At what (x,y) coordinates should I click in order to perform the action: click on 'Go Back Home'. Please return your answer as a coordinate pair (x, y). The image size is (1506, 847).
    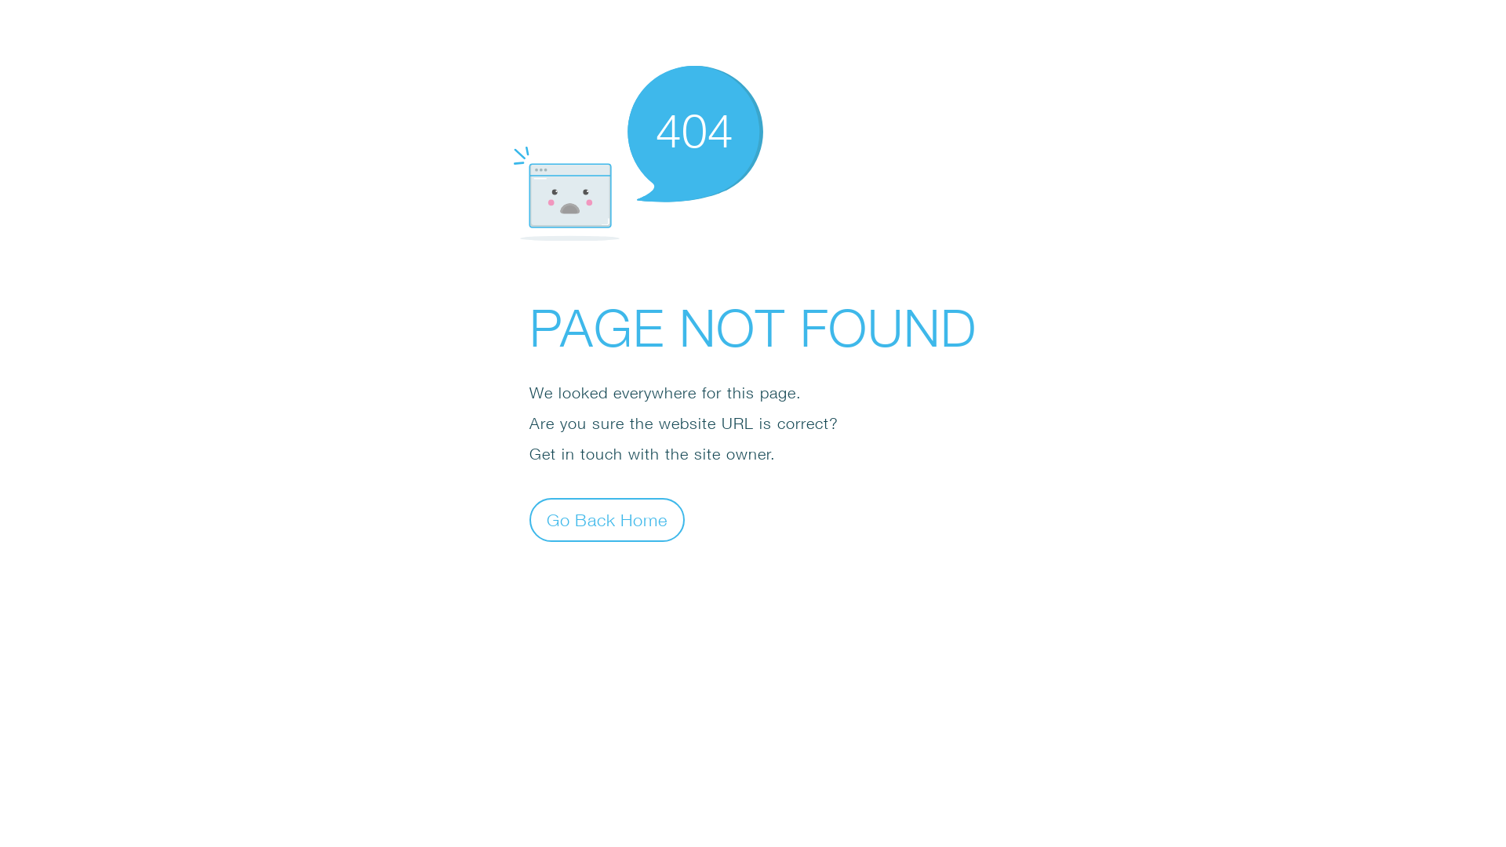
    Looking at the image, I should click on (606, 520).